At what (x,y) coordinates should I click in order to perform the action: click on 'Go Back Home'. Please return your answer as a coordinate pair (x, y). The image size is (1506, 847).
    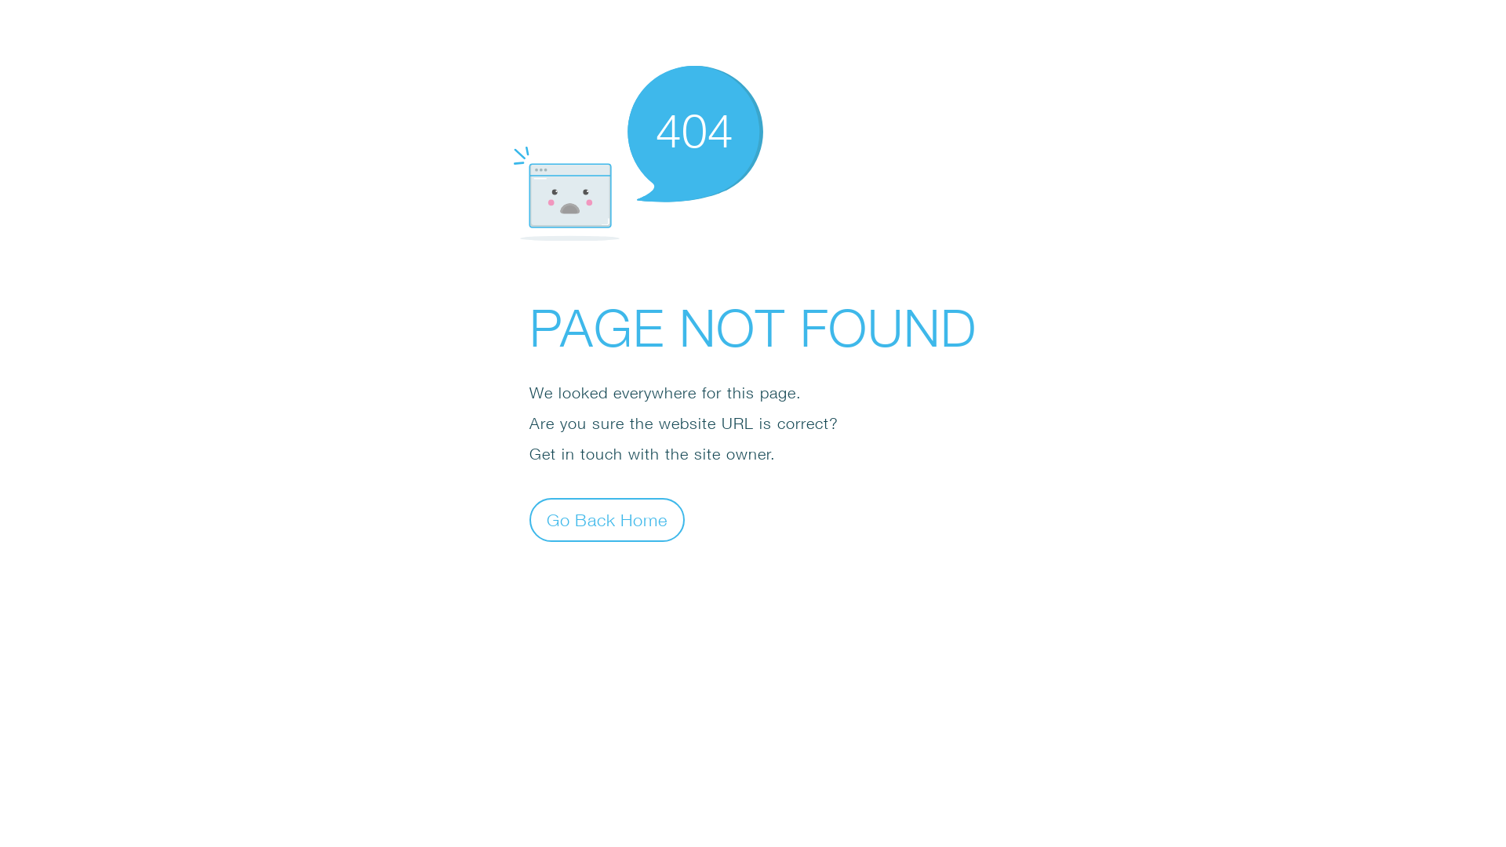
    Looking at the image, I should click on (606, 520).